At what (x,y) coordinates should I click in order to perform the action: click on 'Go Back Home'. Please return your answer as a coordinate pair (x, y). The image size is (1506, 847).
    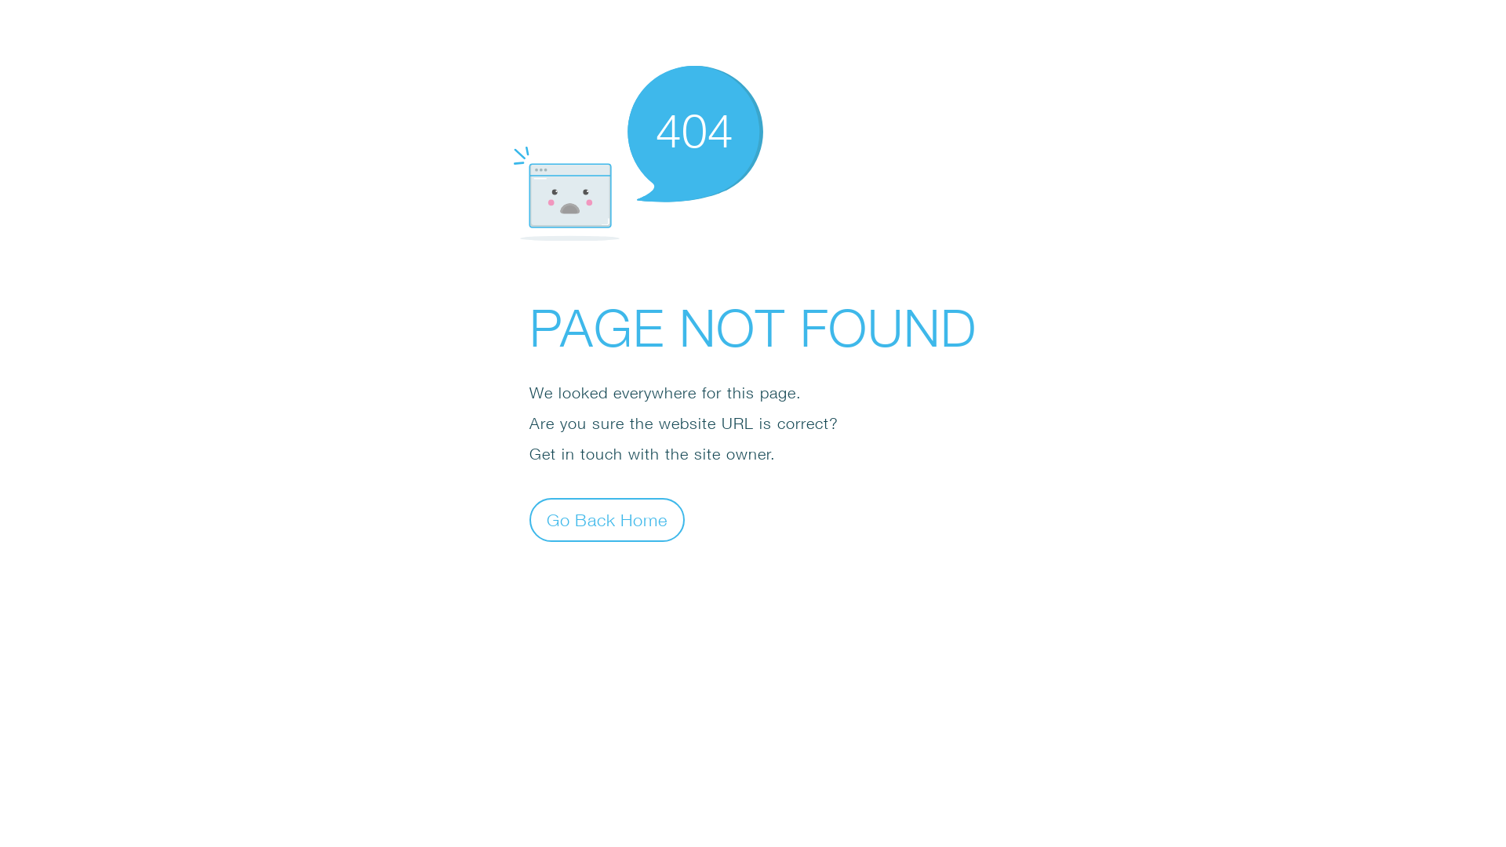
    Looking at the image, I should click on (606, 520).